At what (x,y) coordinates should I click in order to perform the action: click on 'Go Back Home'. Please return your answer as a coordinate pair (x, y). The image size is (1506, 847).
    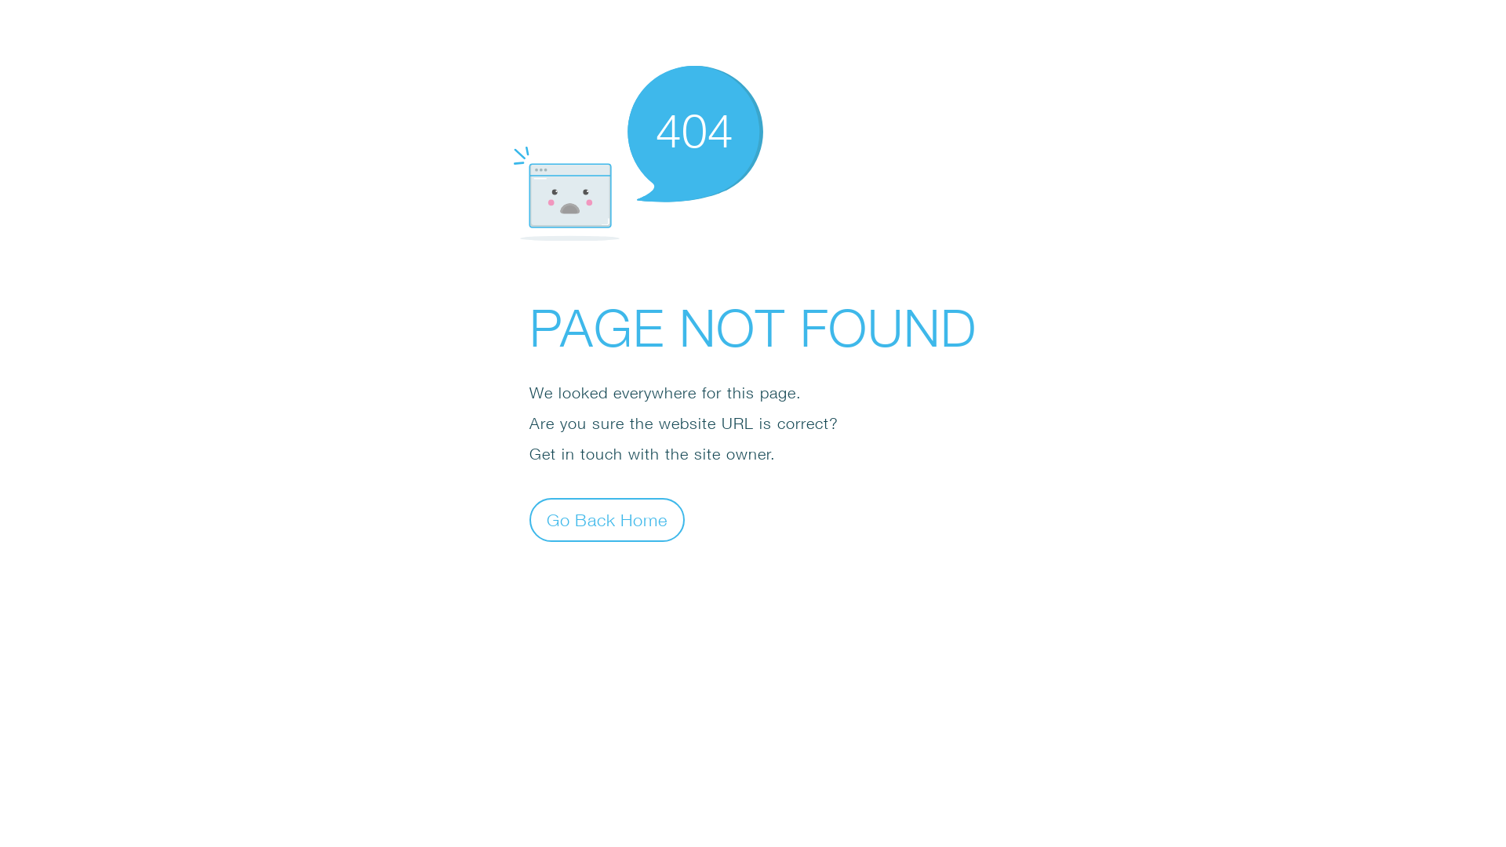
    Looking at the image, I should click on (606, 520).